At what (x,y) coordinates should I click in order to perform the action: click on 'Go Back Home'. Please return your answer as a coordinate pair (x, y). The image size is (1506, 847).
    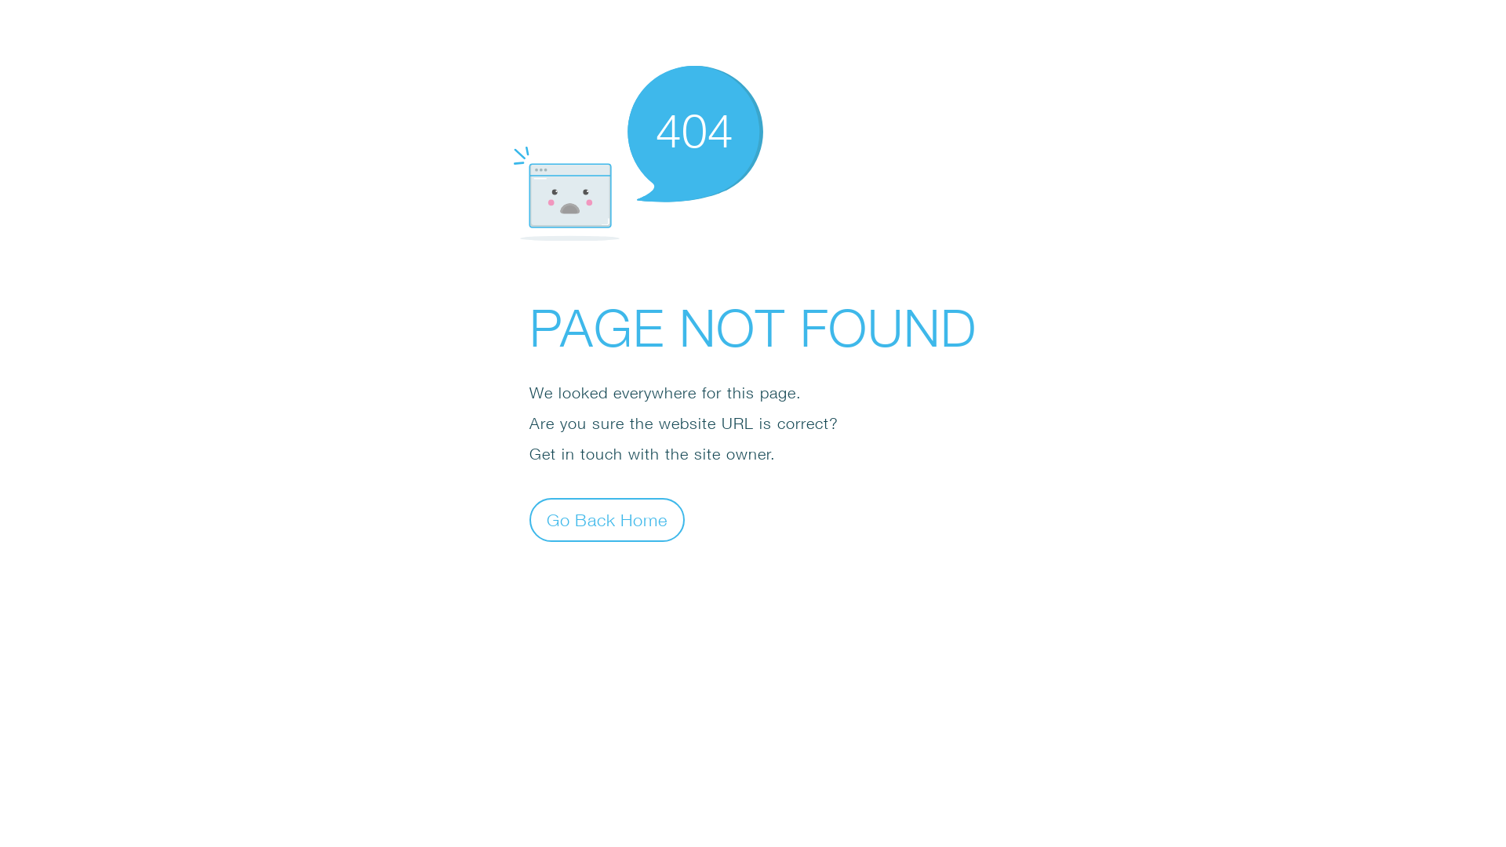
    Looking at the image, I should click on (606, 520).